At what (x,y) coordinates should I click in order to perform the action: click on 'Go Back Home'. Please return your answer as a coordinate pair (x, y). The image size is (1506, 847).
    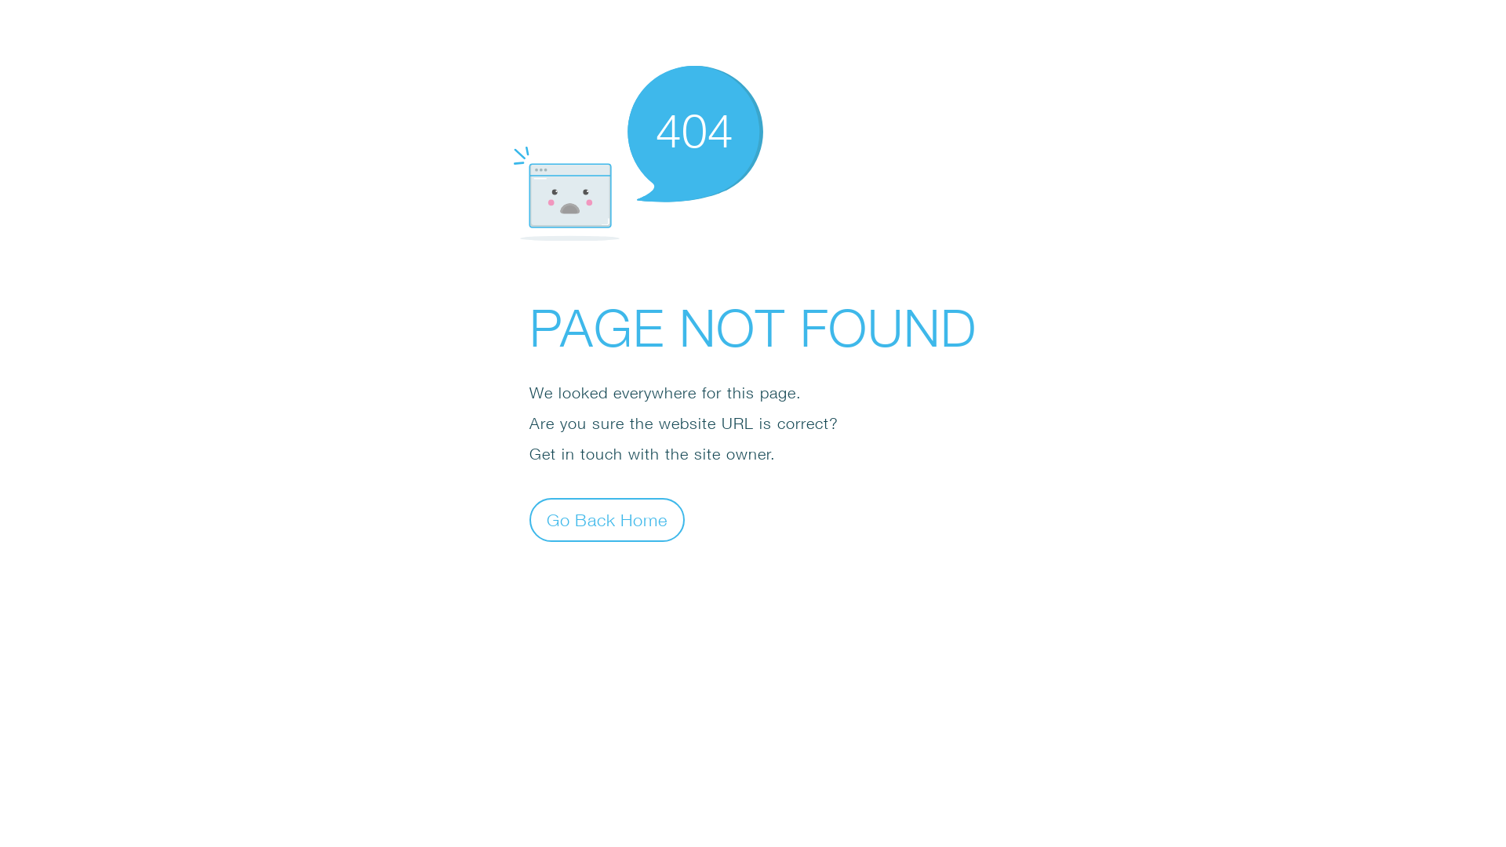
    Looking at the image, I should click on (606, 520).